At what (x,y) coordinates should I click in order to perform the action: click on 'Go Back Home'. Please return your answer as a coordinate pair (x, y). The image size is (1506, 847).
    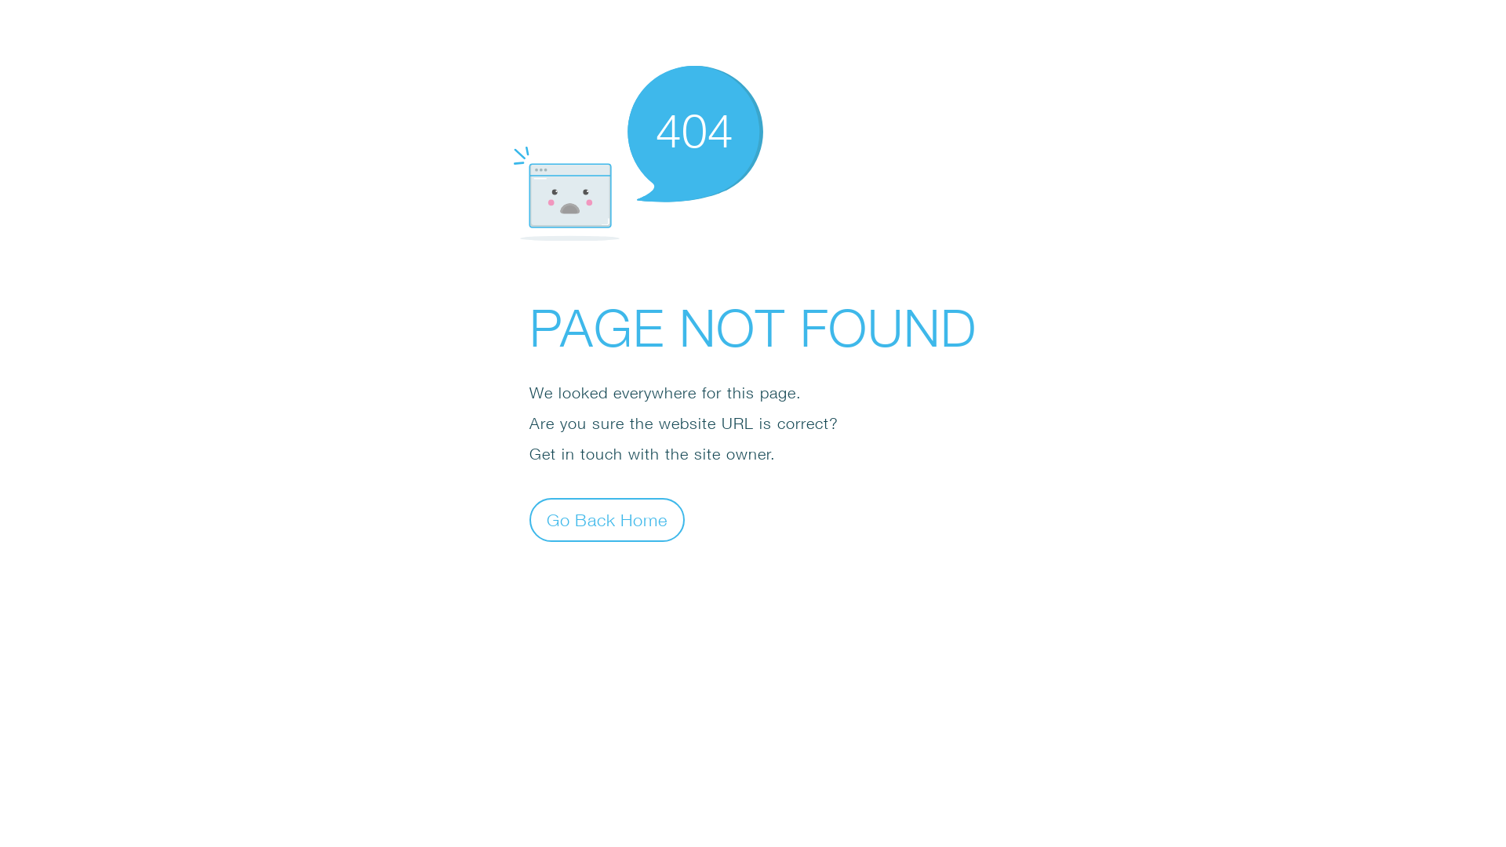
    Looking at the image, I should click on (606, 520).